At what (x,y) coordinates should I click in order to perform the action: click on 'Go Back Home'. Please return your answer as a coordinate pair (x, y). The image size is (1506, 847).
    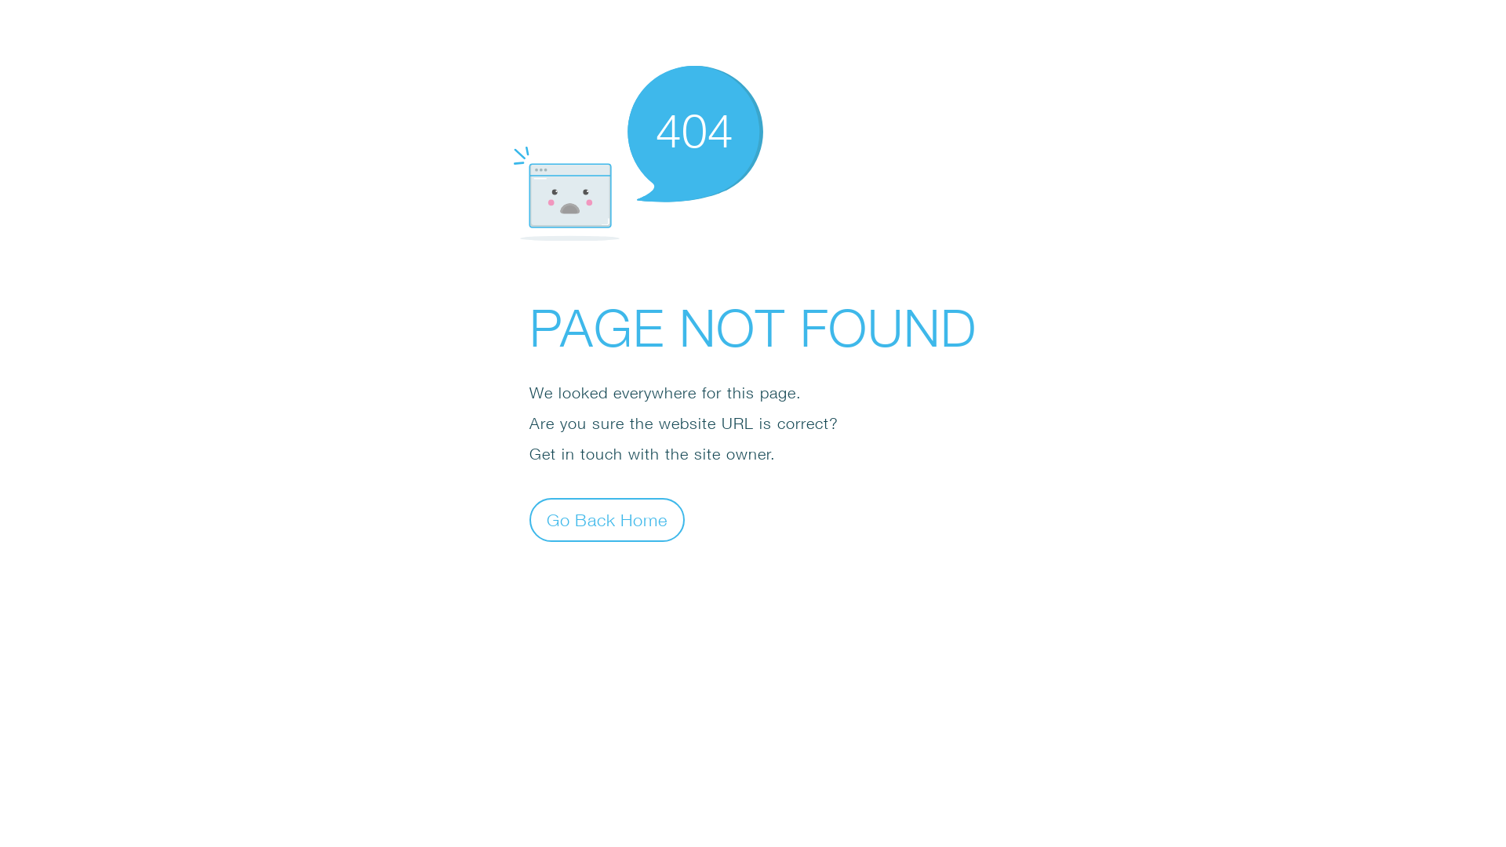
    Looking at the image, I should click on (606, 520).